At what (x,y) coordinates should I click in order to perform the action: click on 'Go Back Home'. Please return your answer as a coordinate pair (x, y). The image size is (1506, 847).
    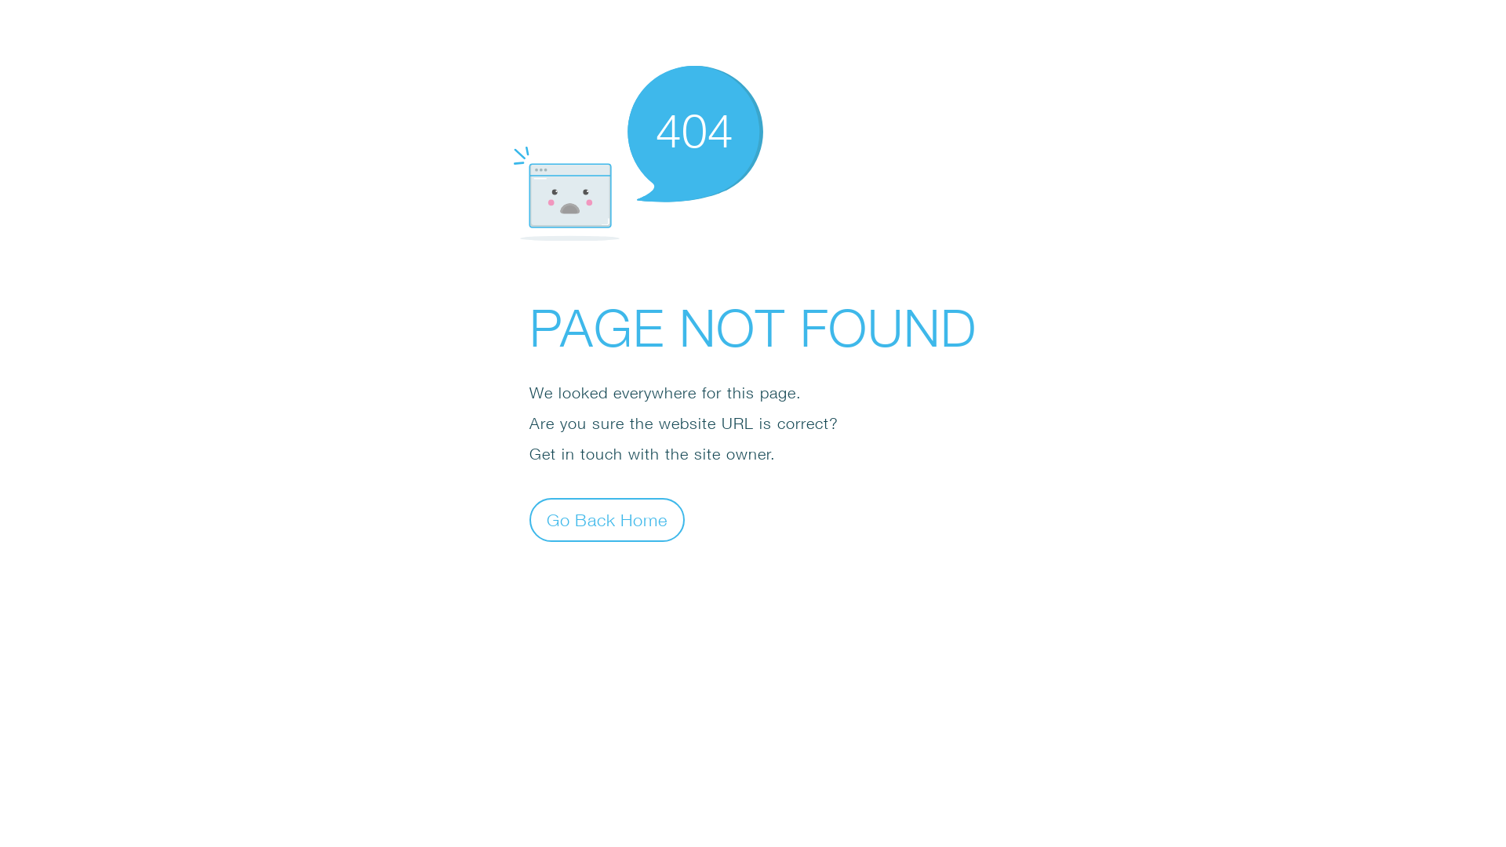
    Looking at the image, I should click on (606, 520).